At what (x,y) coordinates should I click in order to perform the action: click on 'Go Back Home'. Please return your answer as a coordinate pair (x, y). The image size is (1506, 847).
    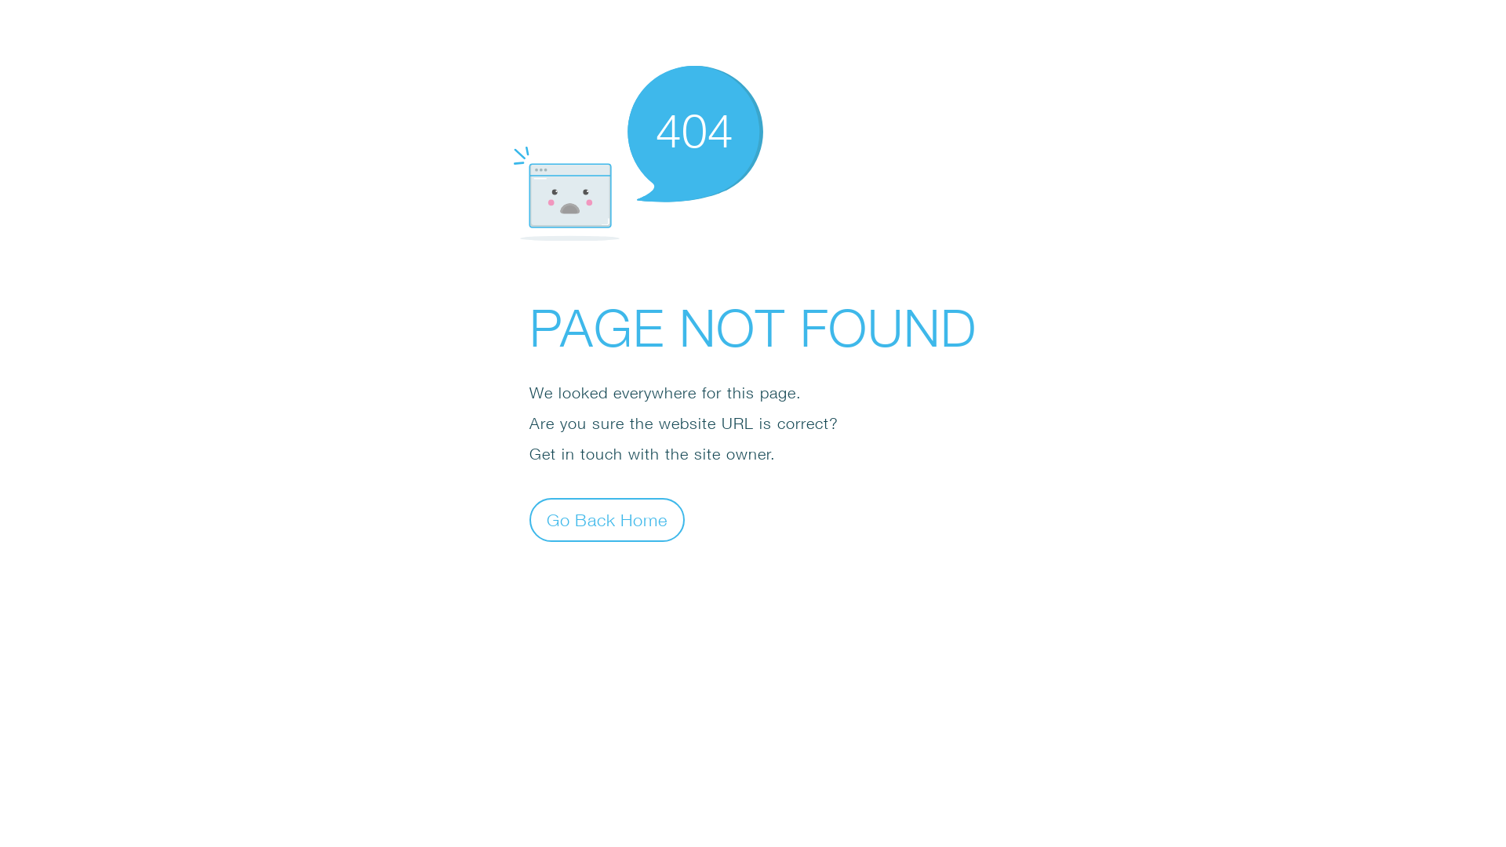
    Looking at the image, I should click on (606, 520).